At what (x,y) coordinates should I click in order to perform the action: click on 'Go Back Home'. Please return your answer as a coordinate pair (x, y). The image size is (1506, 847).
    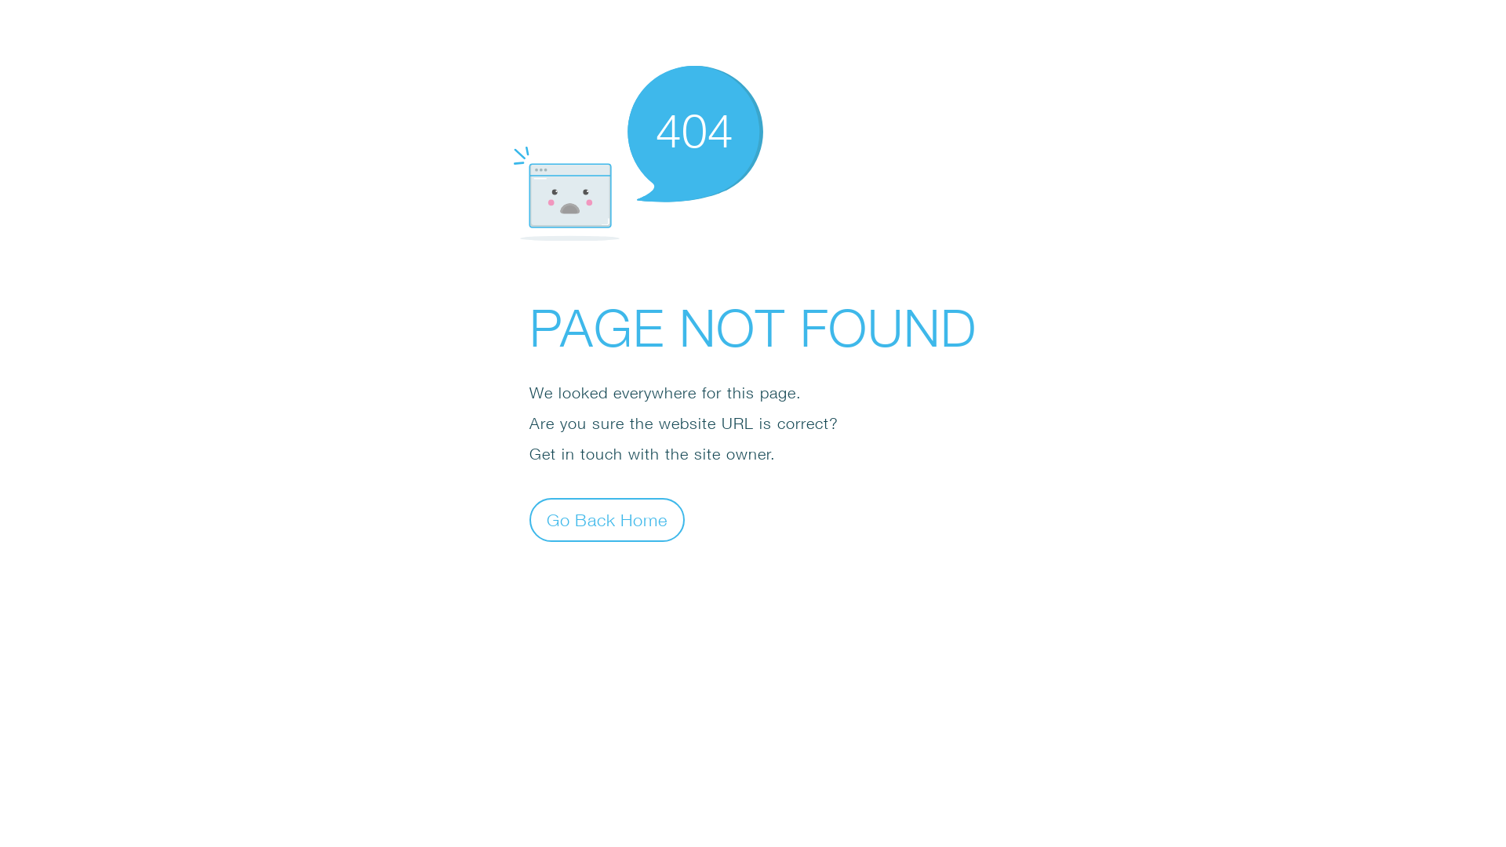
    Looking at the image, I should click on (606, 520).